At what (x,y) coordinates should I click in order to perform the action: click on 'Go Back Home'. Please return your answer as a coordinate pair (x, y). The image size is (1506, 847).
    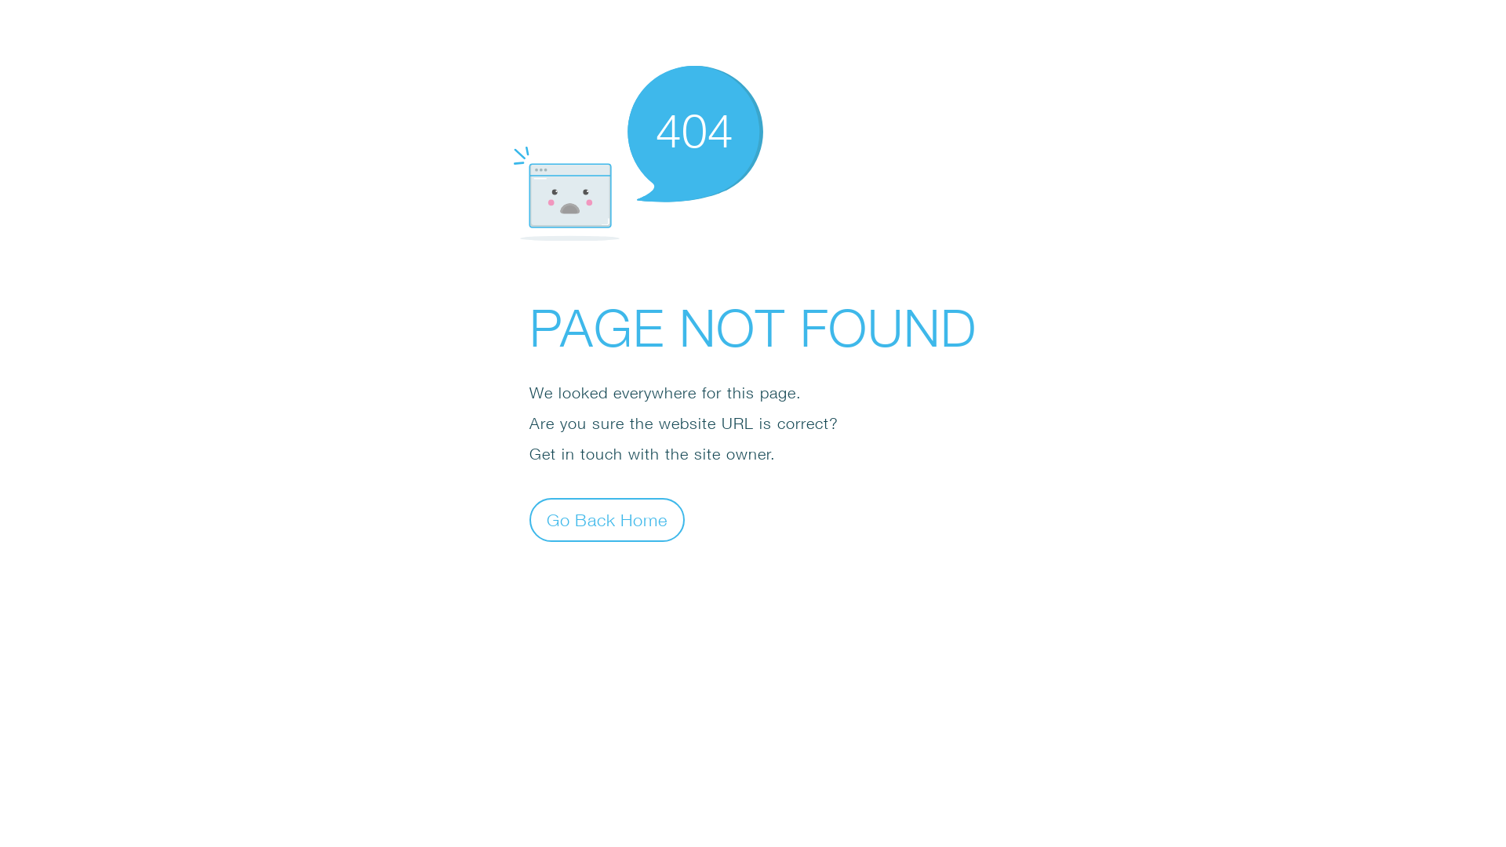
    Looking at the image, I should click on (606, 520).